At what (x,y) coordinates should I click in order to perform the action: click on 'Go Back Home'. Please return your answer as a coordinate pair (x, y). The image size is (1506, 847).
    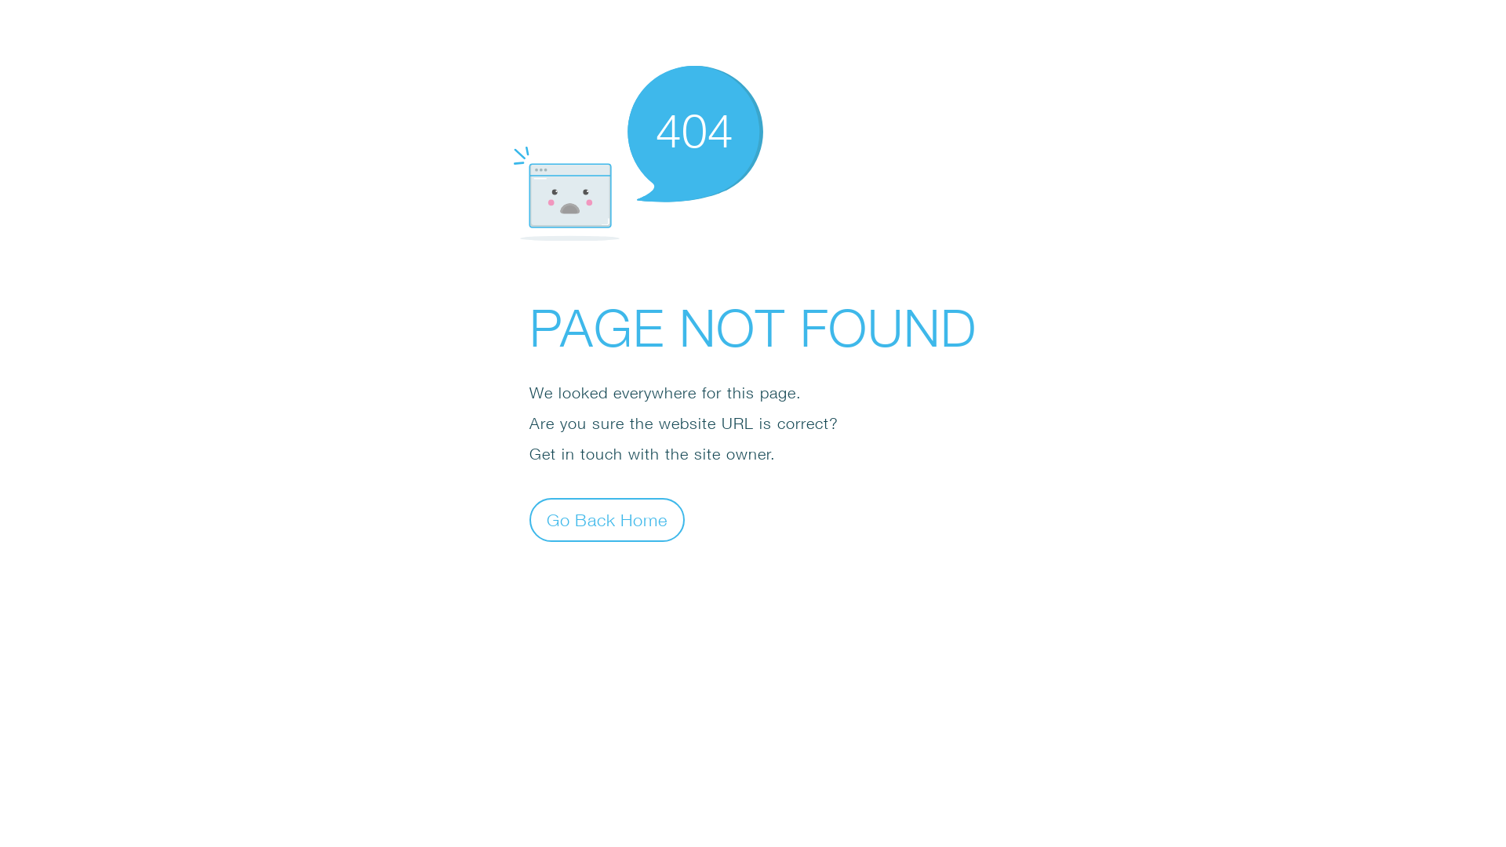
    Looking at the image, I should click on (606, 520).